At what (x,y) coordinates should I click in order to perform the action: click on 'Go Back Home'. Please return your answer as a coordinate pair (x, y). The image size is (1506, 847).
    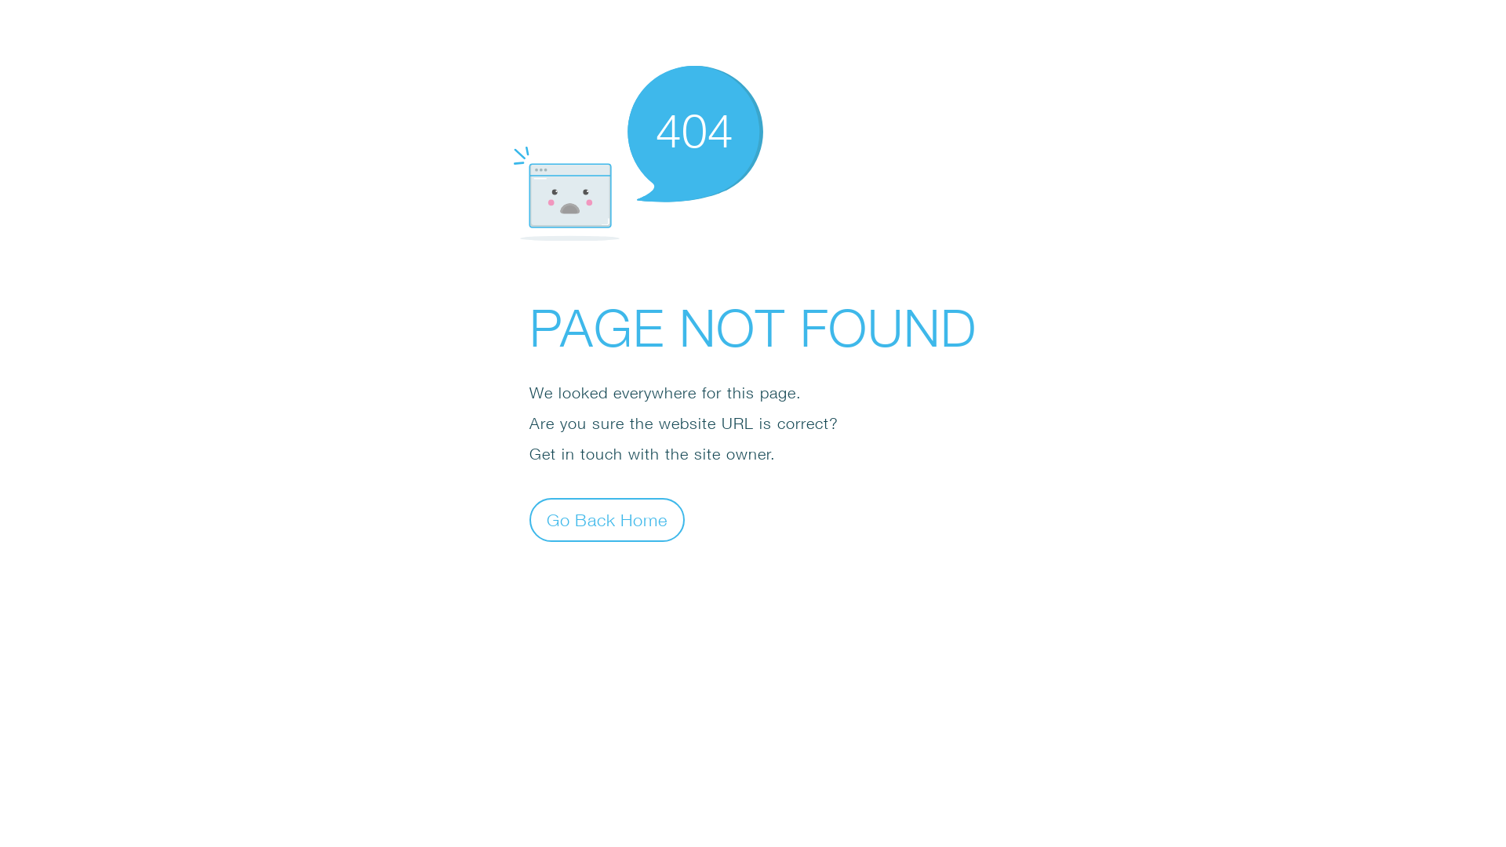
    Looking at the image, I should click on (606, 520).